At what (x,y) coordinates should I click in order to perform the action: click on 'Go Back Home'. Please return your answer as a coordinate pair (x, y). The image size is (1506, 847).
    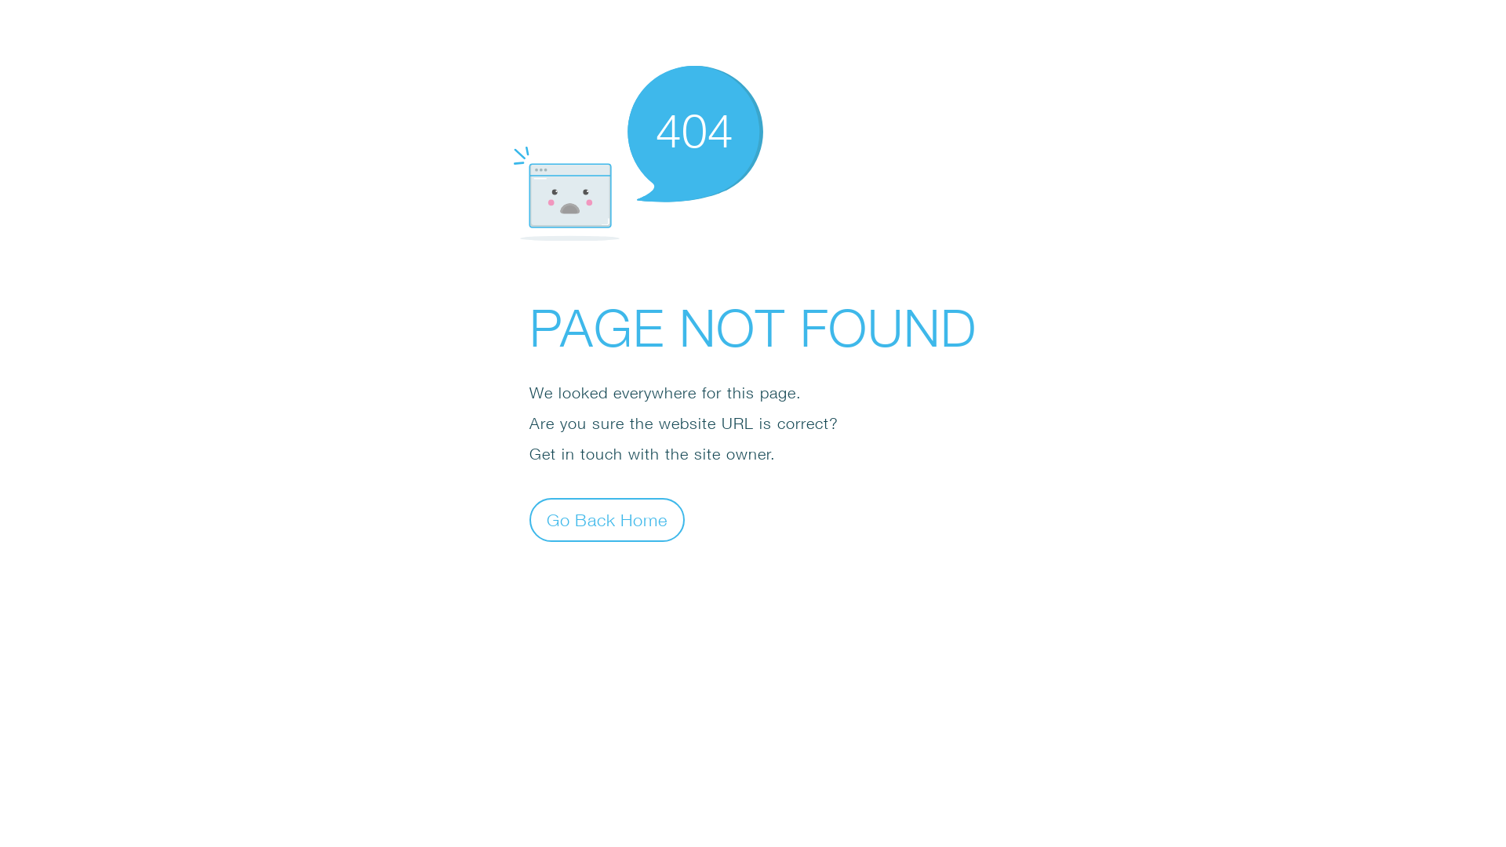
    Looking at the image, I should click on (606, 520).